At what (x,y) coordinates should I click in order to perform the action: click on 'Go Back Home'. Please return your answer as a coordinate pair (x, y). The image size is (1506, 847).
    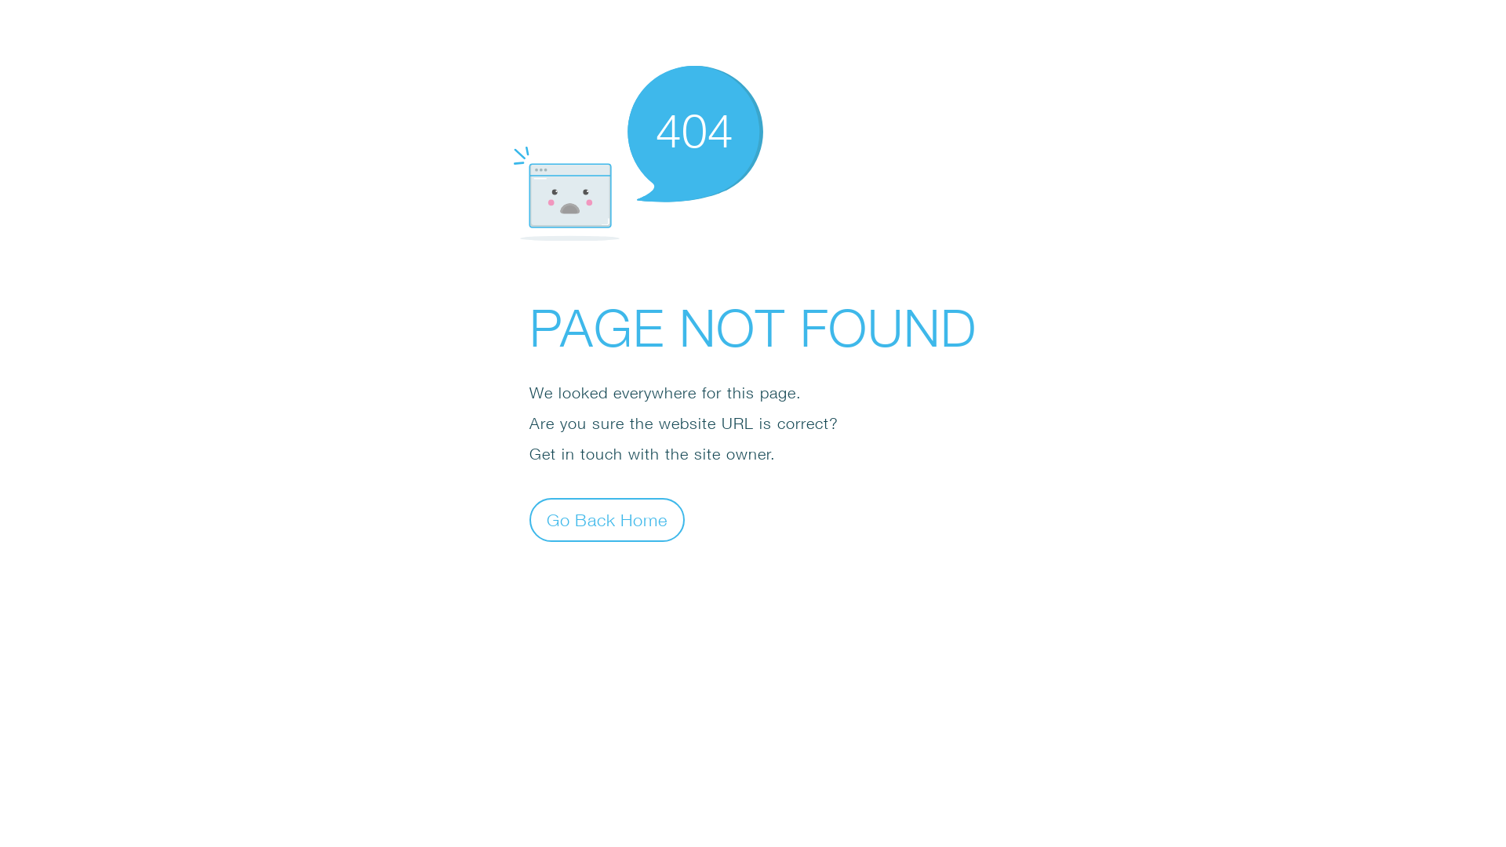
    Looking at the image, I should click on (606, 520).